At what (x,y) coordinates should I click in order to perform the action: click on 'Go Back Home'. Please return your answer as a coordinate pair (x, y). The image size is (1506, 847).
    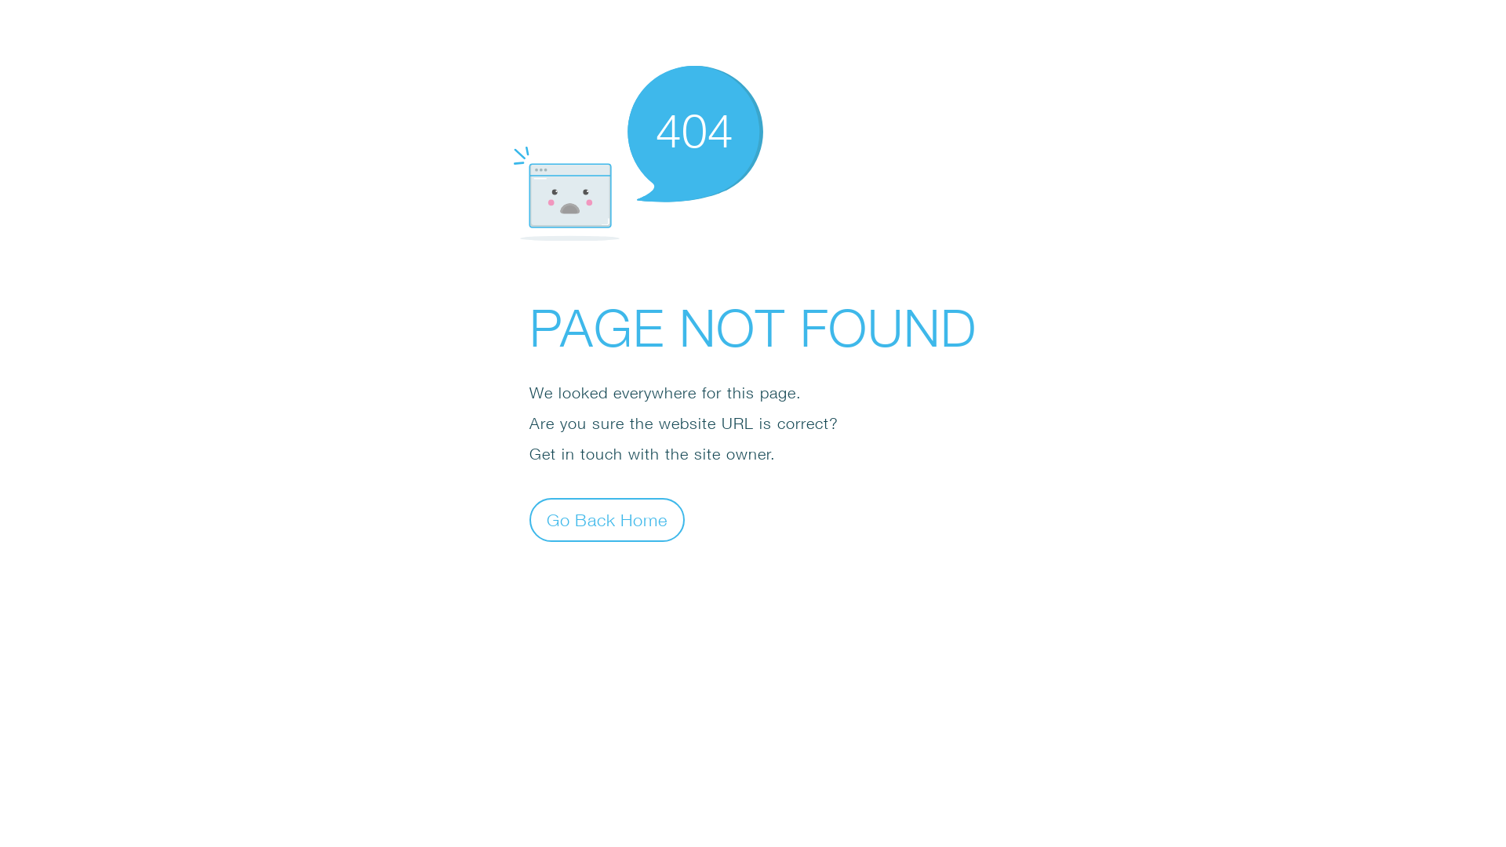
    Looking at the image, I should click on (606, 520).